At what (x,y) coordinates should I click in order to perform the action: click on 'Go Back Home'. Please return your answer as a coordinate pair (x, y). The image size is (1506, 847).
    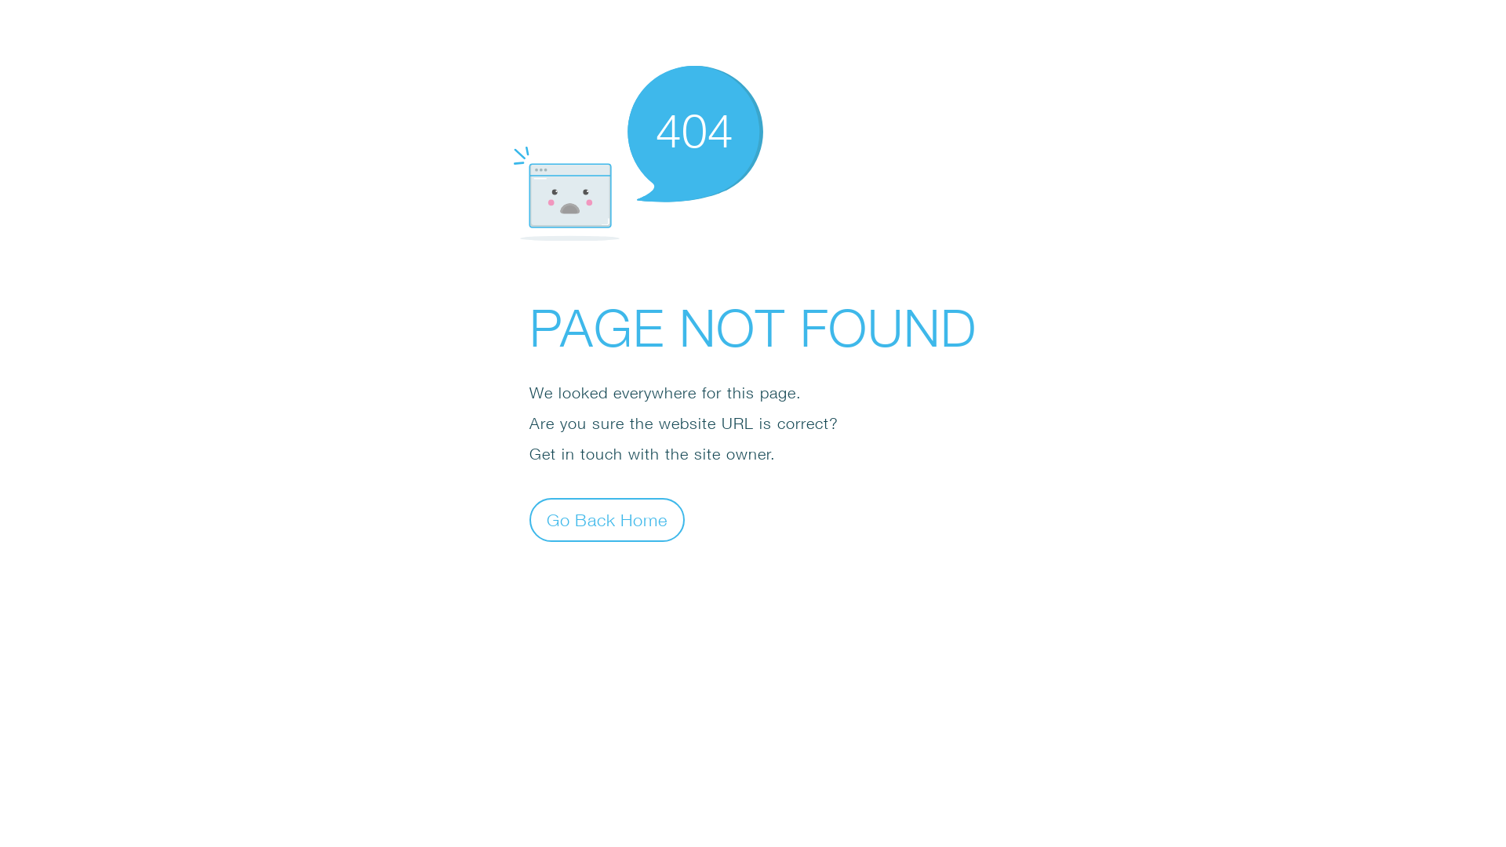
    Looking at the image, I should click on (606, 520).